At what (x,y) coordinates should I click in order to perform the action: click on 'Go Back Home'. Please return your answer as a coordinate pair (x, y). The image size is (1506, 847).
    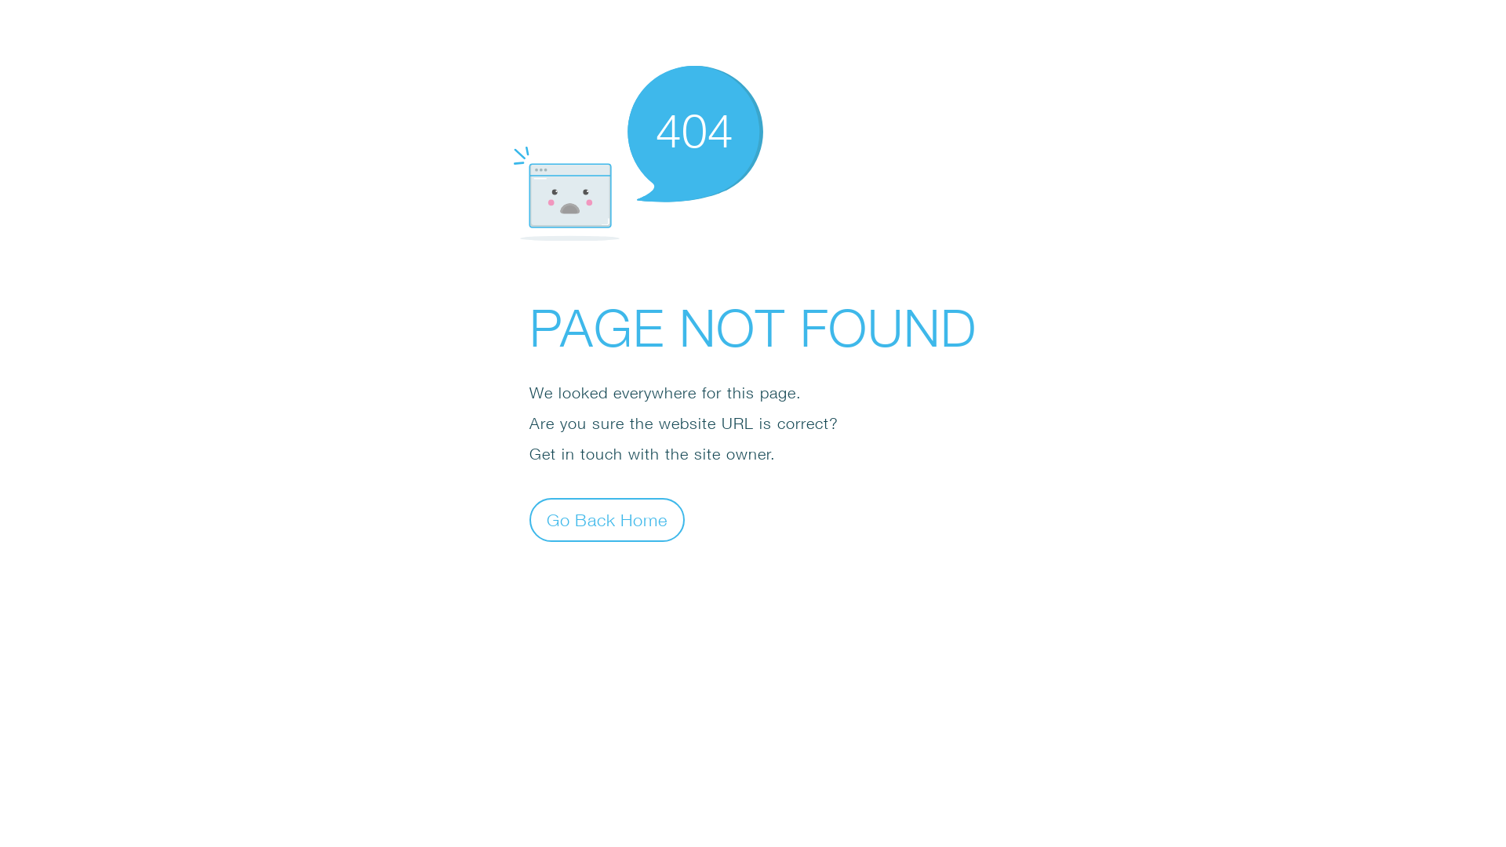
    Looking at the image, I should click on (606, 520).